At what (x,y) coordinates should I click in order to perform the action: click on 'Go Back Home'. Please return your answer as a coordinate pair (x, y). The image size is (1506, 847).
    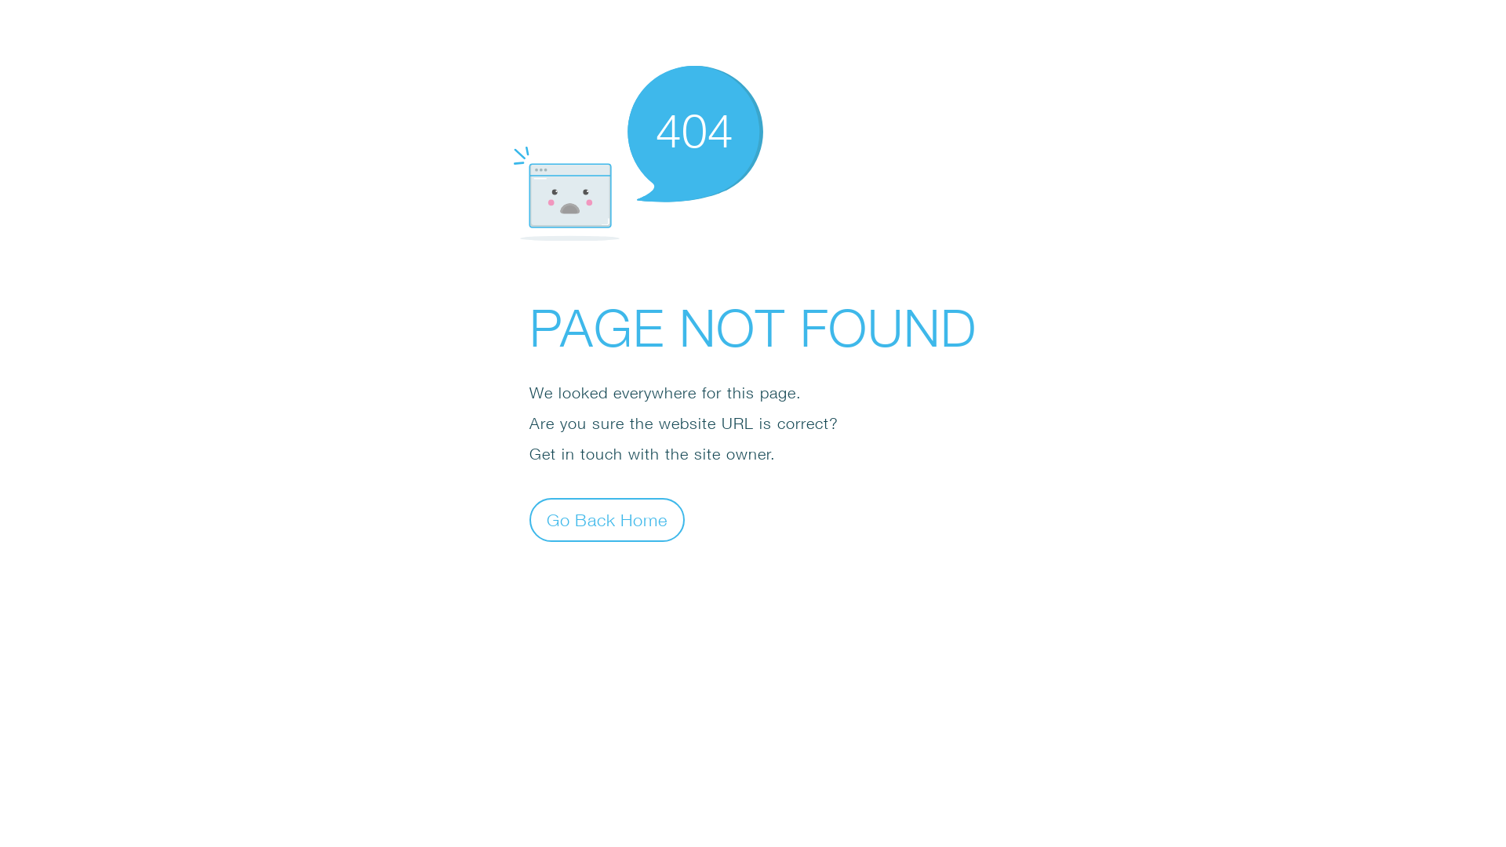
    Looking at the image, I should click on (606, 520).